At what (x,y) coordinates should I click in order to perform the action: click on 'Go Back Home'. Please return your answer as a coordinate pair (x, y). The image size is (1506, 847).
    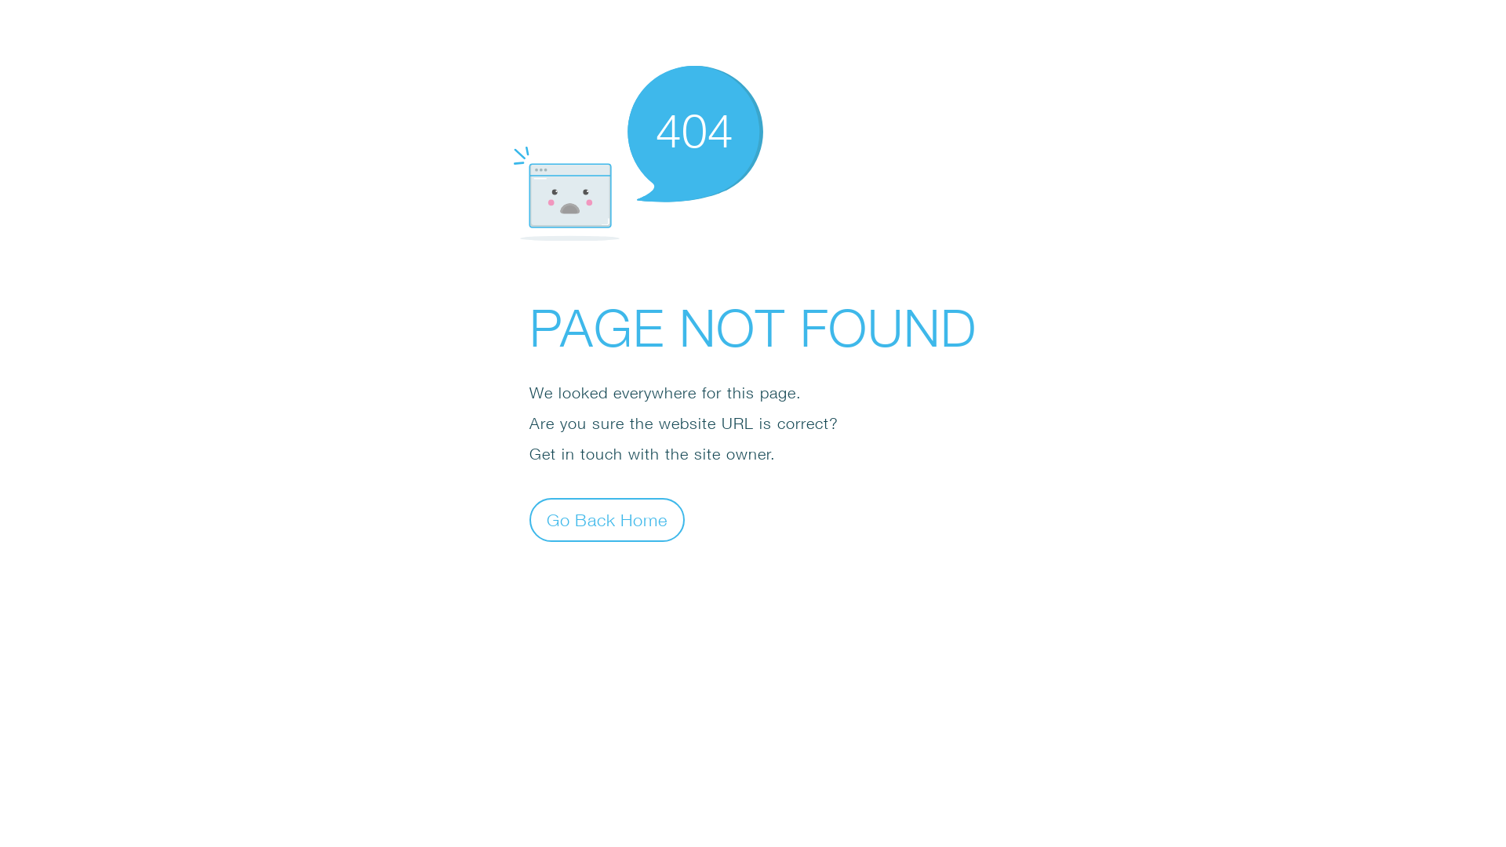
    Looking at the image, I should click on (606, 520).